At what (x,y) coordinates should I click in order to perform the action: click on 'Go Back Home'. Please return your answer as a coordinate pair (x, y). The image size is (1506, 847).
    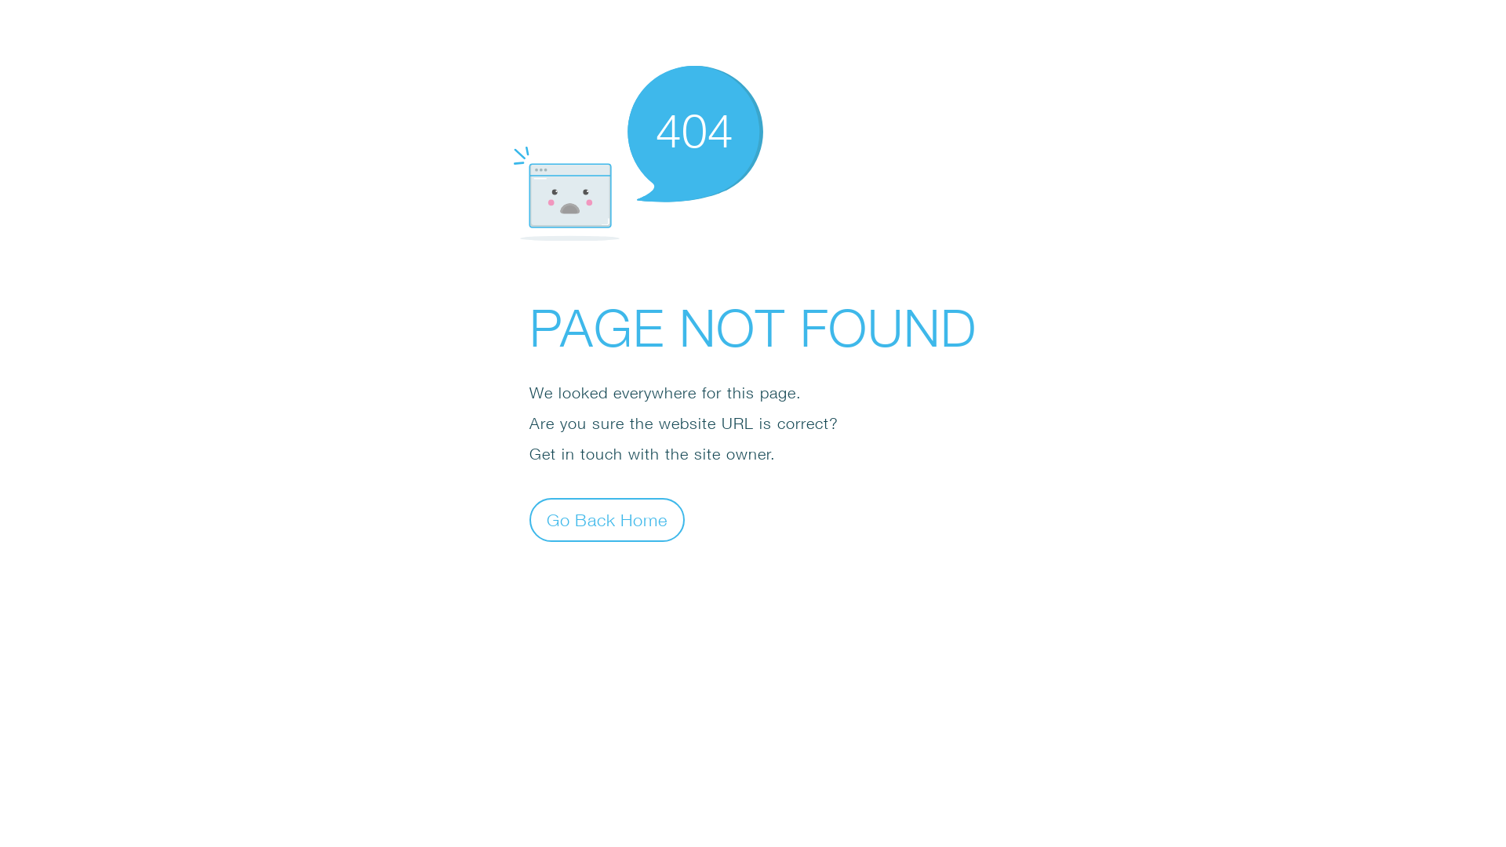
    Looking at the image, I should click on (606, 520).